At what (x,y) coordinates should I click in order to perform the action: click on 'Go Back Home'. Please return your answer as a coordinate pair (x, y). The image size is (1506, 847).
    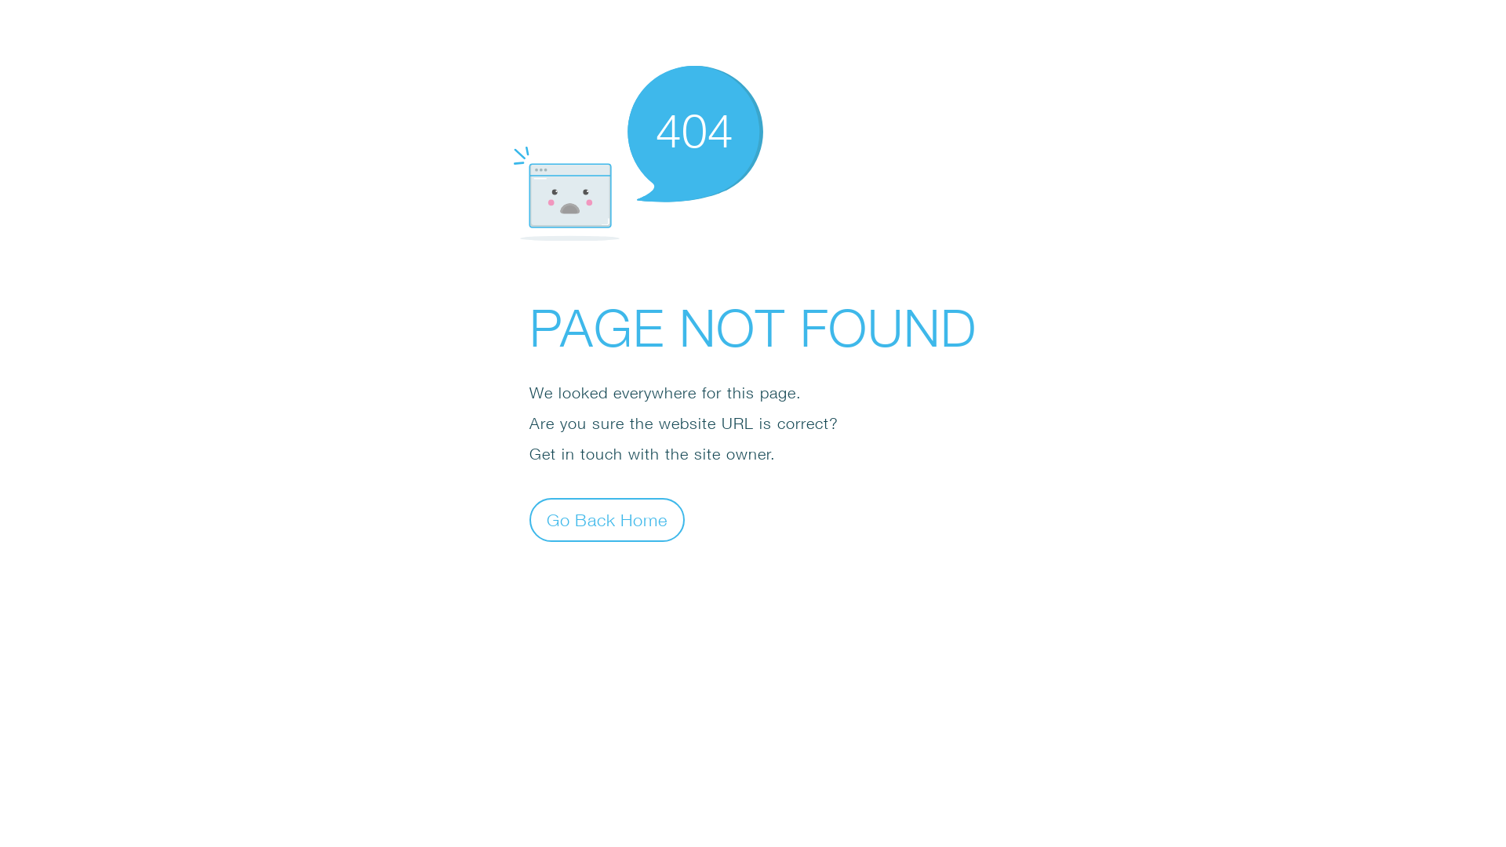
    Looking at the image, I should click on (606, 520).